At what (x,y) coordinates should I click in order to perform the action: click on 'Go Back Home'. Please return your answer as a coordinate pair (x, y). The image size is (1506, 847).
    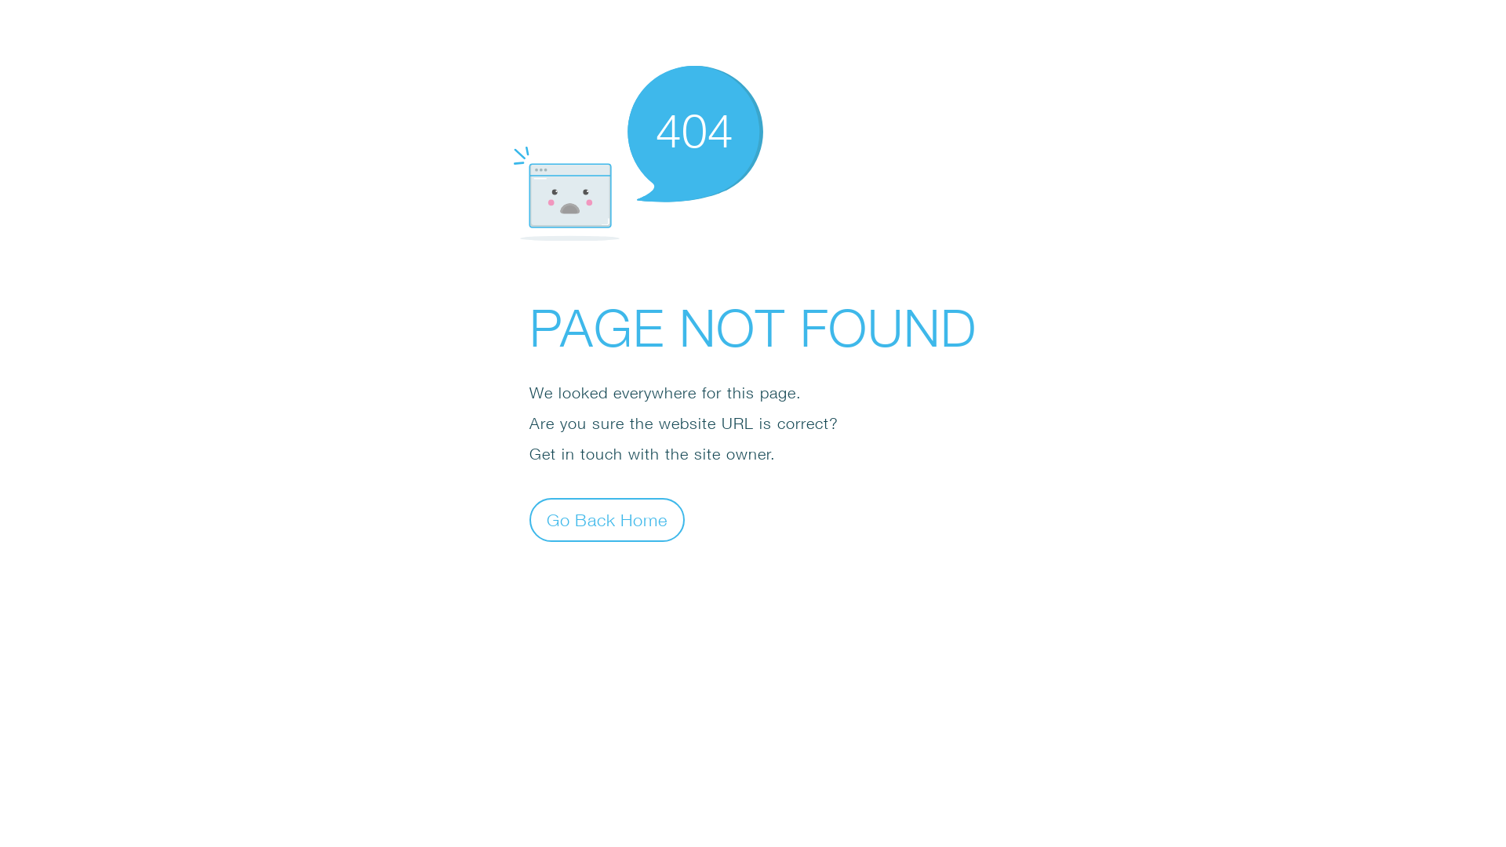
    Looking at the image, I should click on (606, 520).